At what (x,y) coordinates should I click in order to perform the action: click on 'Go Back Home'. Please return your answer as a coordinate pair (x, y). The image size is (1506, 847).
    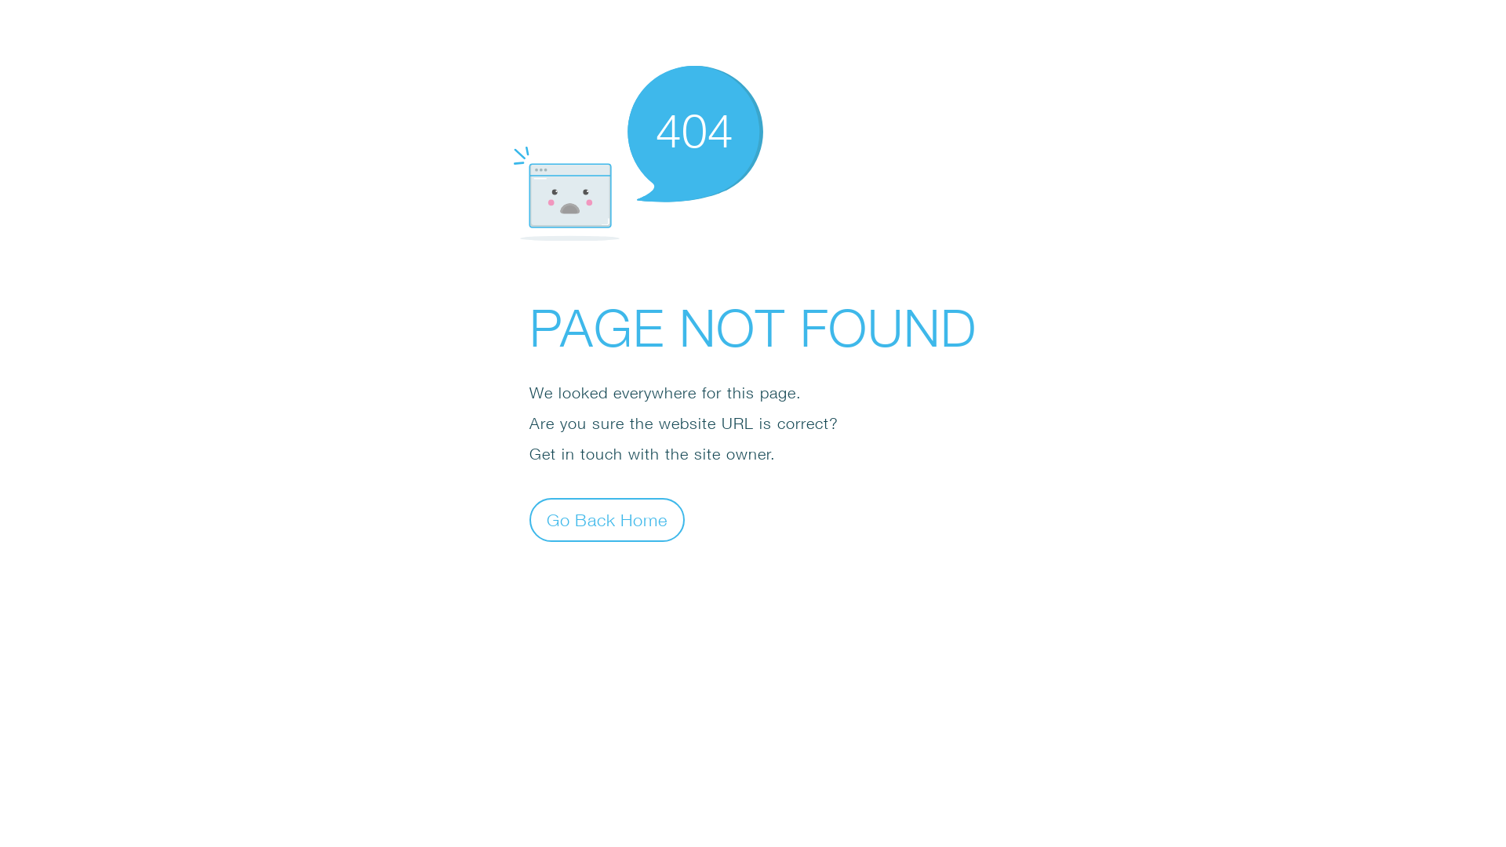
    Looking at the image, I should click on (606, 520).